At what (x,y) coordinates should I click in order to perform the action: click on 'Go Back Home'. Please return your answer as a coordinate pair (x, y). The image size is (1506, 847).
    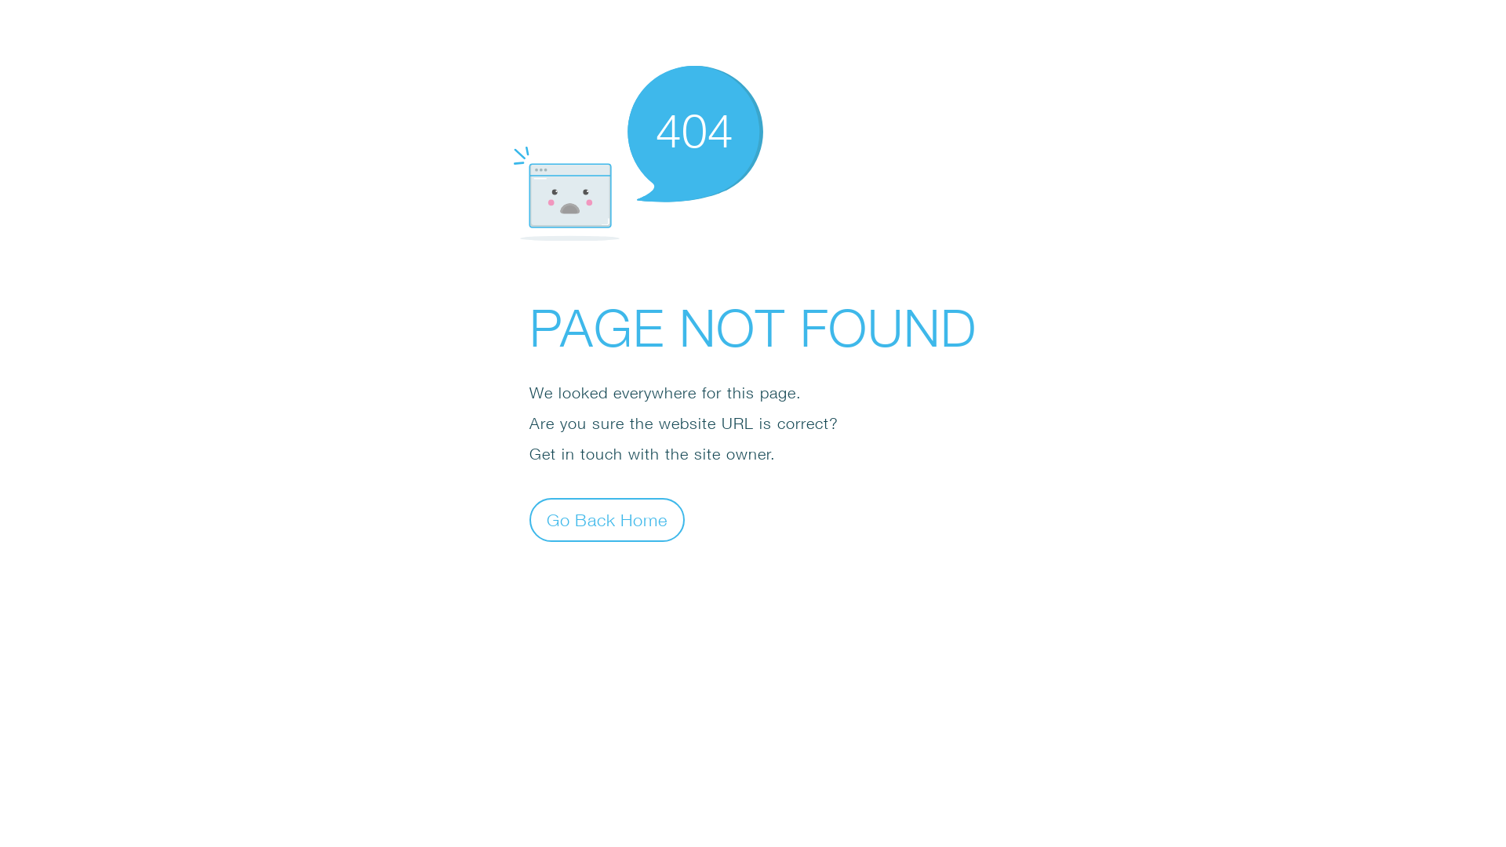
    Looking at the image, I should click on (606, 520).